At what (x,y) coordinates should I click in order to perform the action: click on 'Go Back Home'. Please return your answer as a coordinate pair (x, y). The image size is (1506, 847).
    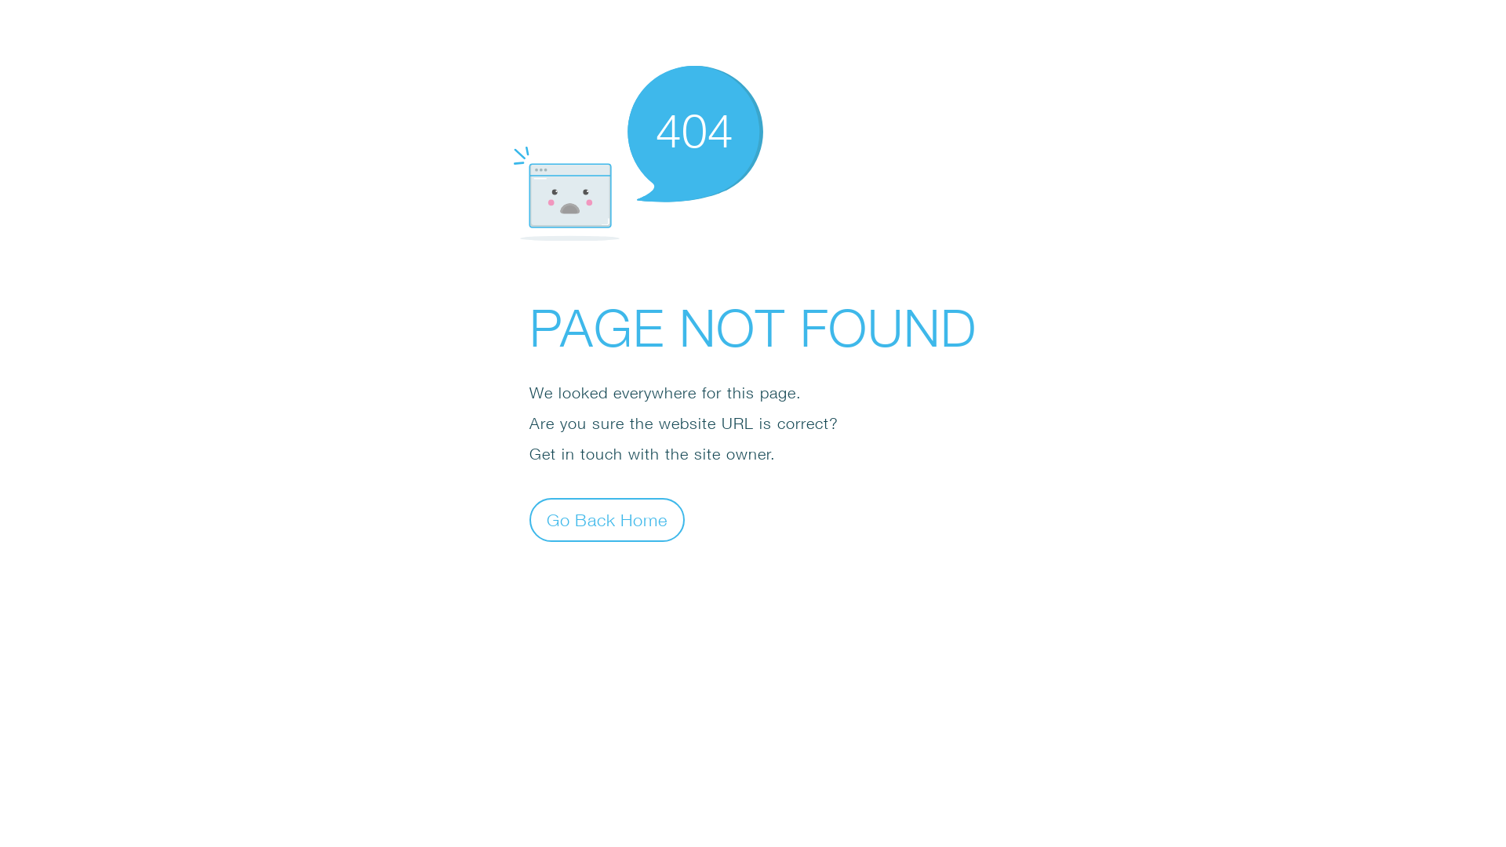
    Looking at the image, I should click on (606, 520).